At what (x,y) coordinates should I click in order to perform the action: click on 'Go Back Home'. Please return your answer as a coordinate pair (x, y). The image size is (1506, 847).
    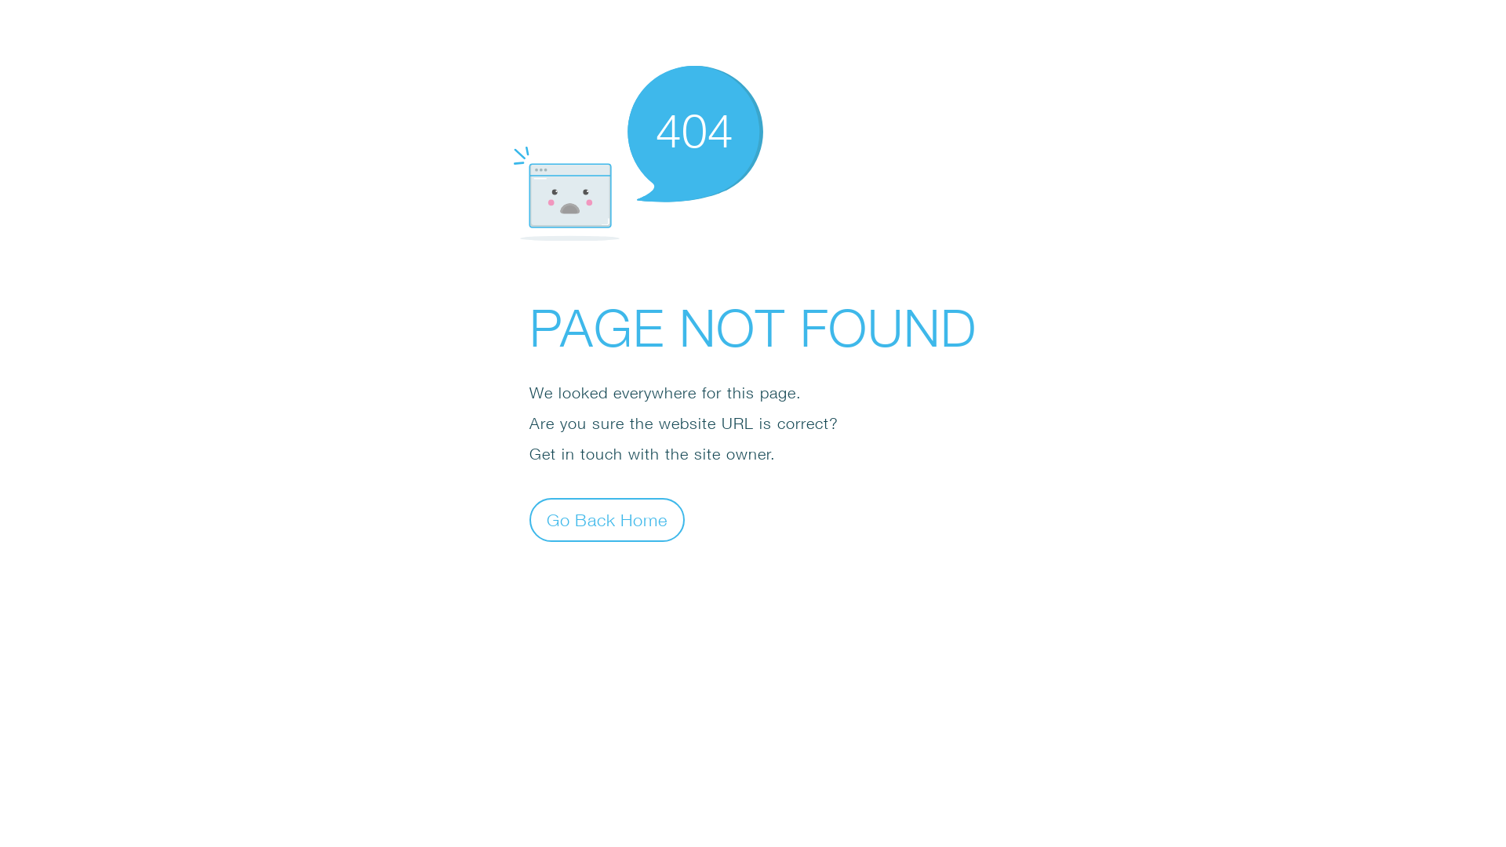
    Looking at the image, I should click on (606, 520).